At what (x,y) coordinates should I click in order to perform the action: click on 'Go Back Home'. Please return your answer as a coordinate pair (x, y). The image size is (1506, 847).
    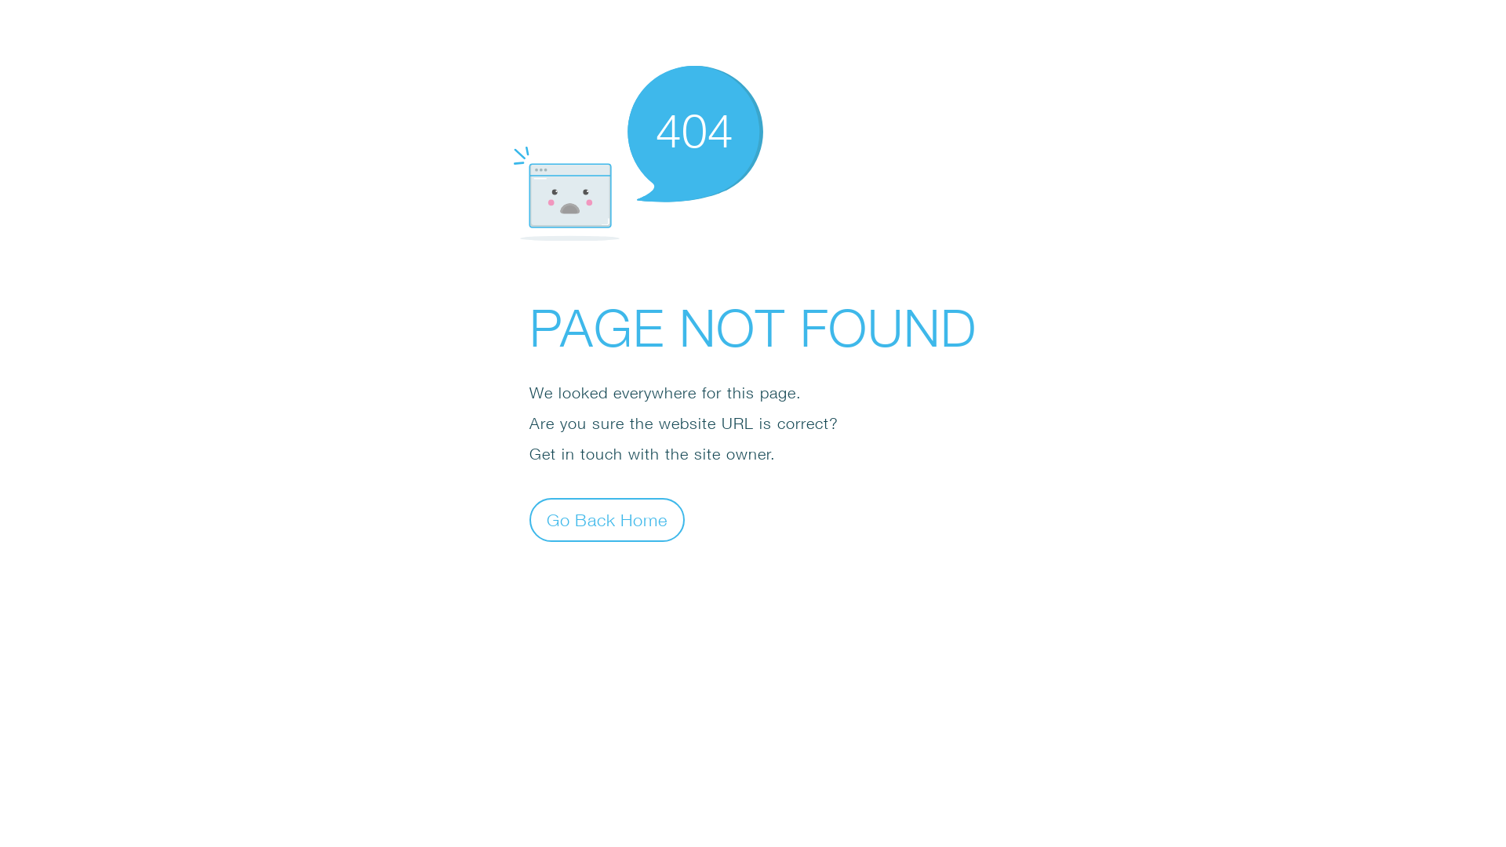
    Looking at the image, I should click on (606, 520).